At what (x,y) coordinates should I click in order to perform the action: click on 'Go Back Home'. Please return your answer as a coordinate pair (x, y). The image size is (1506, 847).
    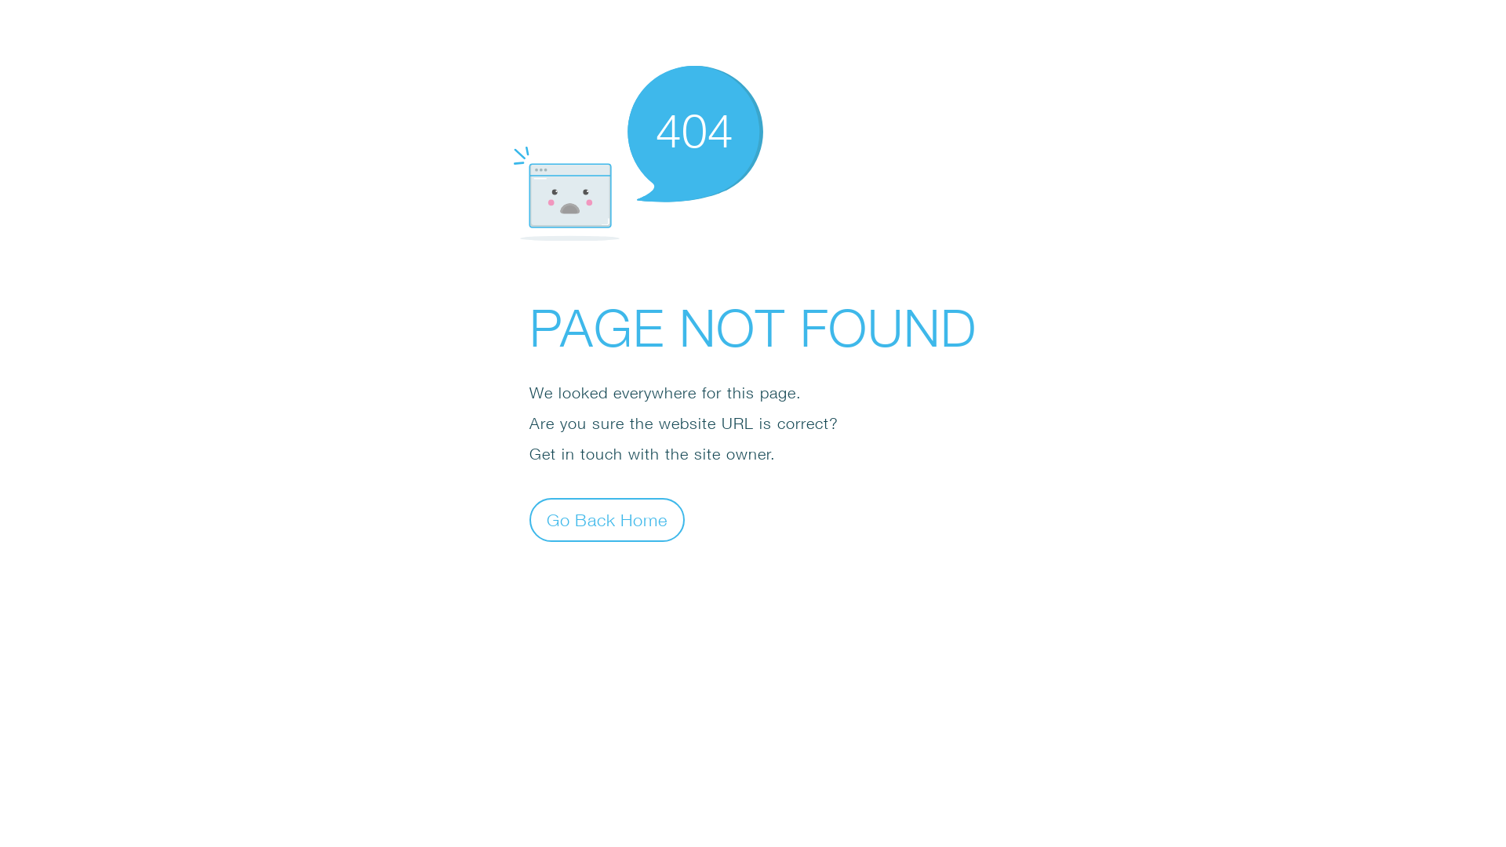
    Looking at the image, I should click on (606, 520).